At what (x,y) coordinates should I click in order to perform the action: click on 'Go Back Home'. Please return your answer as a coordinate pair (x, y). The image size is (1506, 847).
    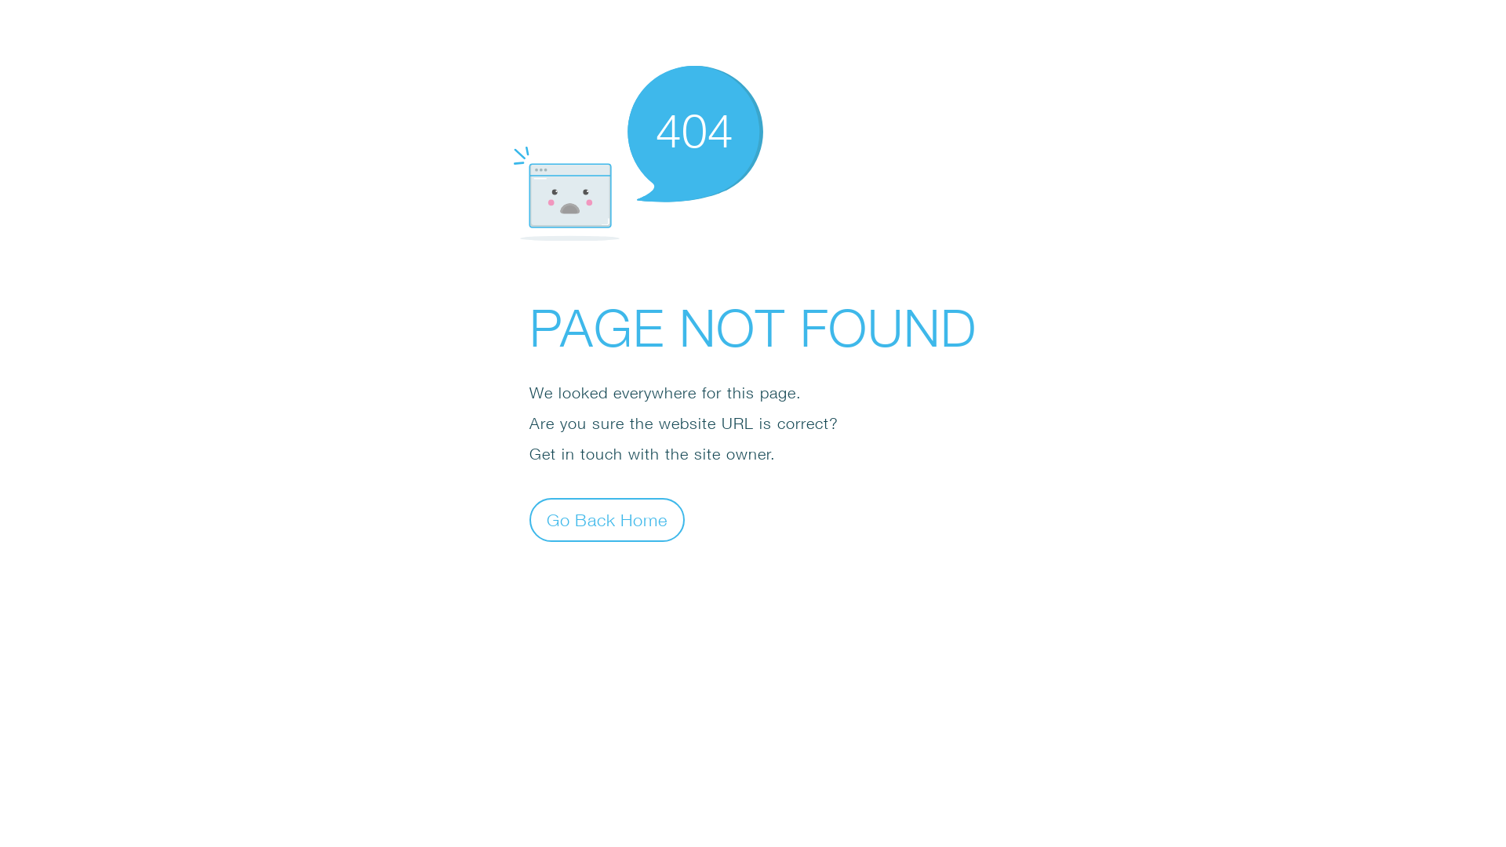
    Looking at the image, I should click on (606, 520).